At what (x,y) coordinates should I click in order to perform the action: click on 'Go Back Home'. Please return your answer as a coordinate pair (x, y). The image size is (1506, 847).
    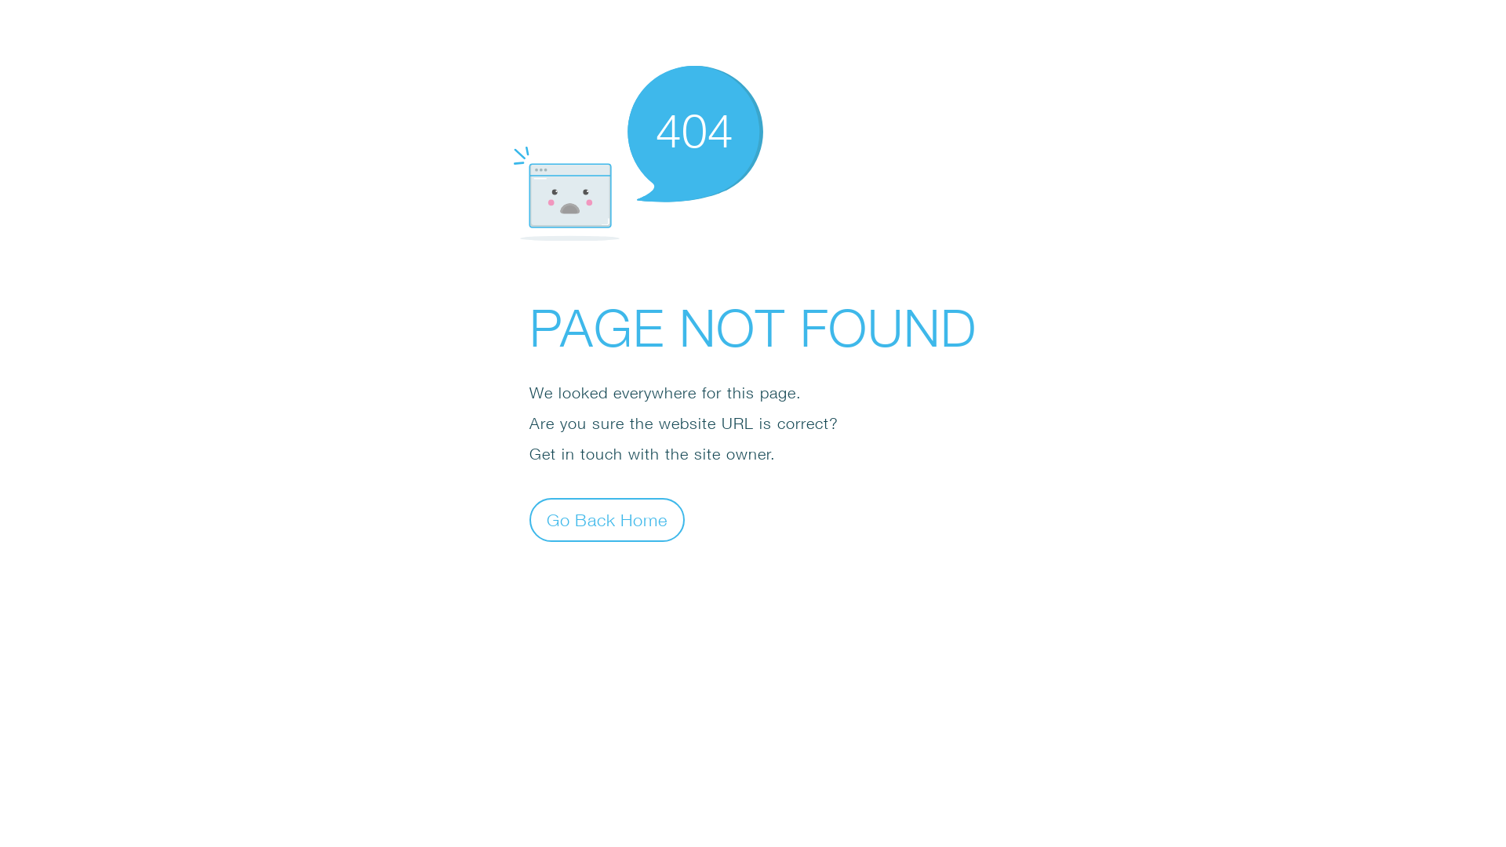
    Looking at the image, I should click on (606, 520).